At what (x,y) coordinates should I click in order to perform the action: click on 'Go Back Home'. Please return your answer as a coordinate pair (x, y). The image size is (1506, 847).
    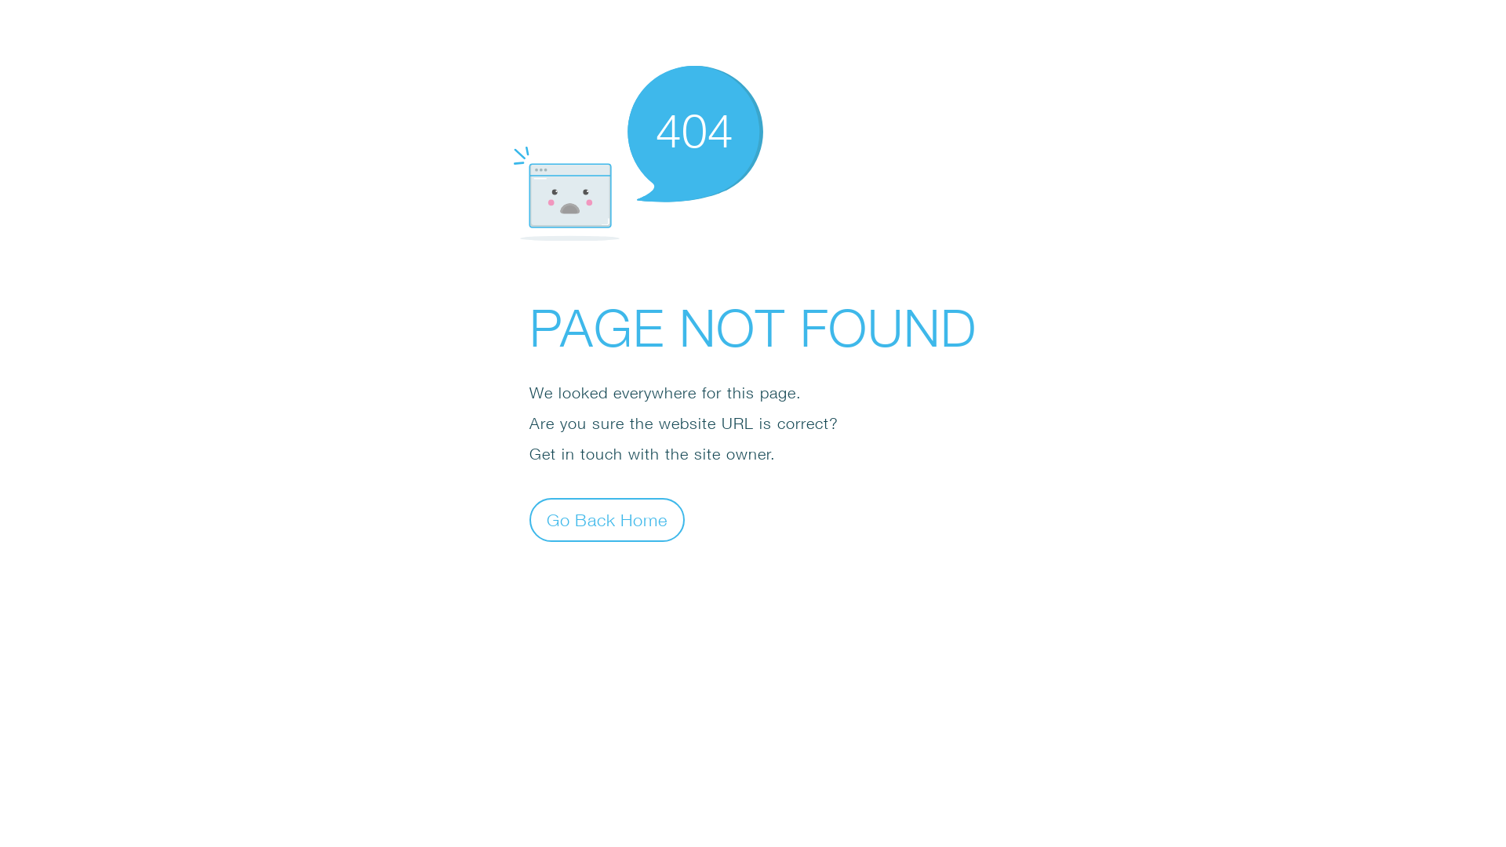
    Looking at the image, I should click on (606, 520).